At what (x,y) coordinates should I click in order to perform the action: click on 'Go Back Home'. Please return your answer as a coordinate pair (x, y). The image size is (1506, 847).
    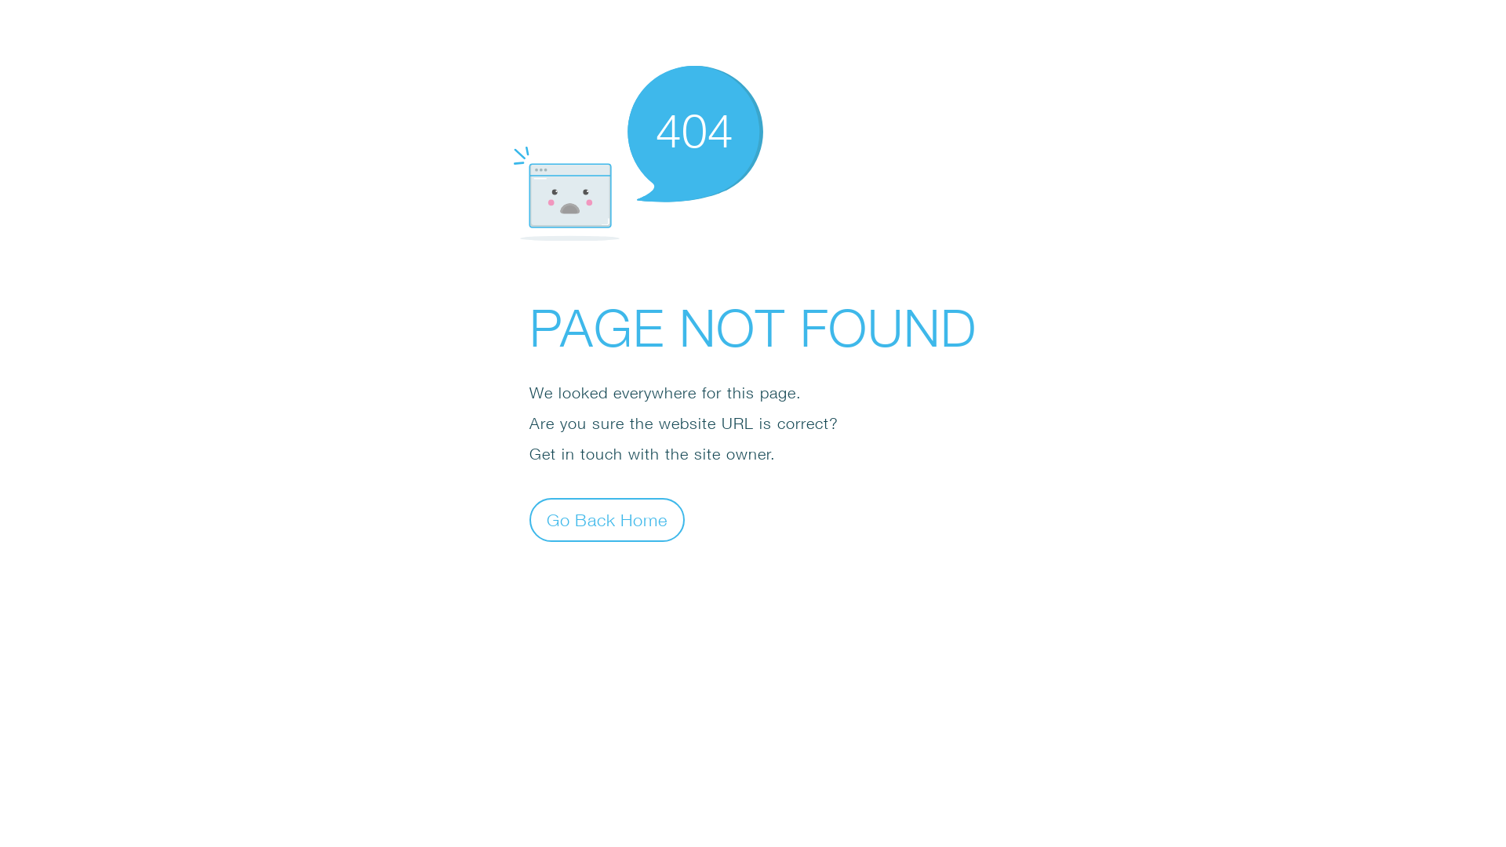
    Looking at the image, I should click on (606, 520).